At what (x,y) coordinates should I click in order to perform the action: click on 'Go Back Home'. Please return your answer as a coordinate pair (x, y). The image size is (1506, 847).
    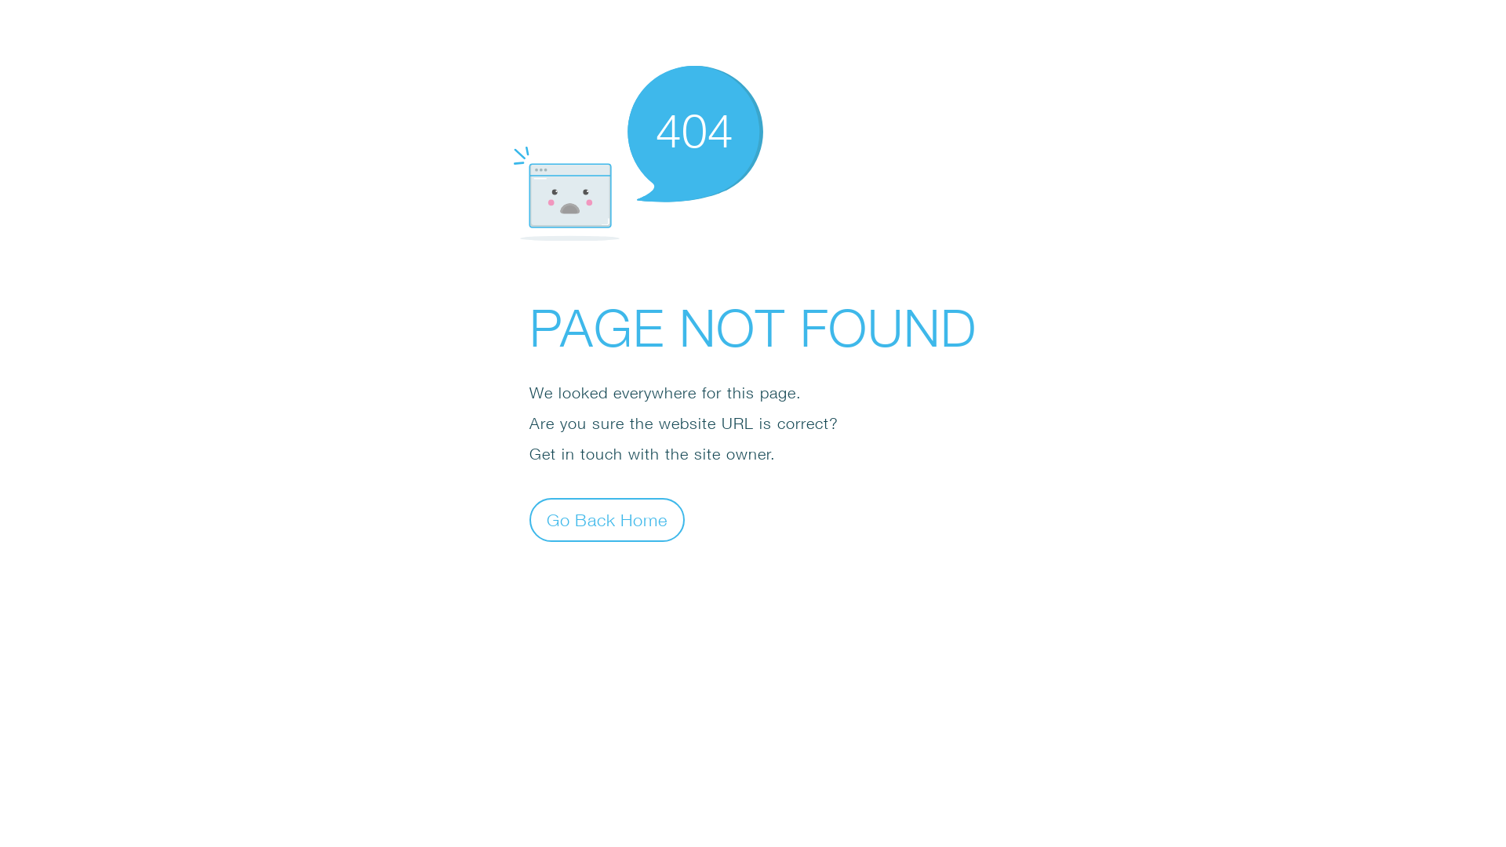
    Looking at the image, I should click on (606, 520).